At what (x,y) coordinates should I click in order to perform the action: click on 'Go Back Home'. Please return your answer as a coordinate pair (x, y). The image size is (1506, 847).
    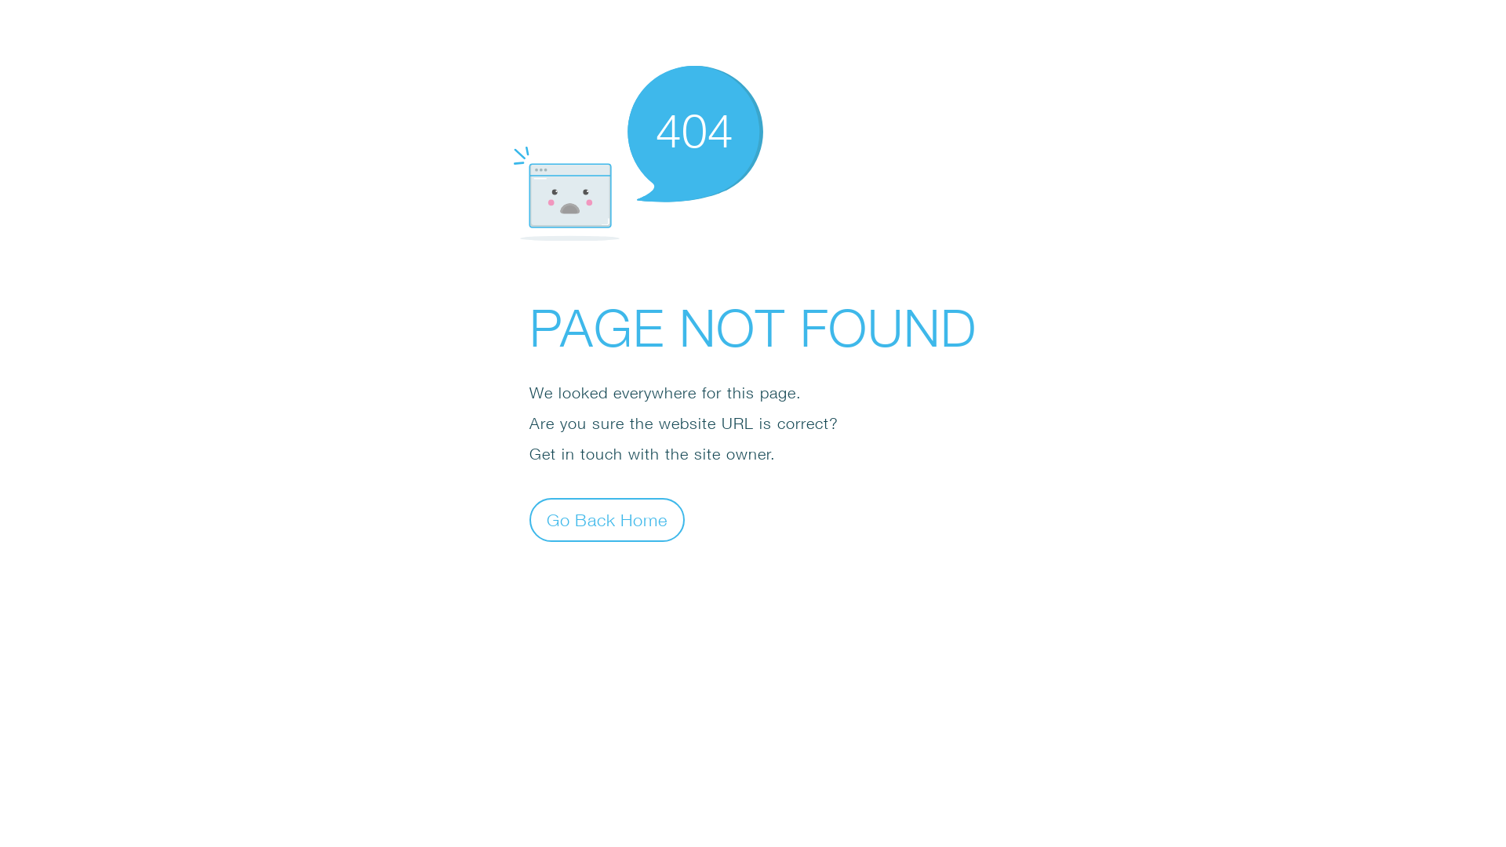
    Looking at the image, I should click on (606, 520).